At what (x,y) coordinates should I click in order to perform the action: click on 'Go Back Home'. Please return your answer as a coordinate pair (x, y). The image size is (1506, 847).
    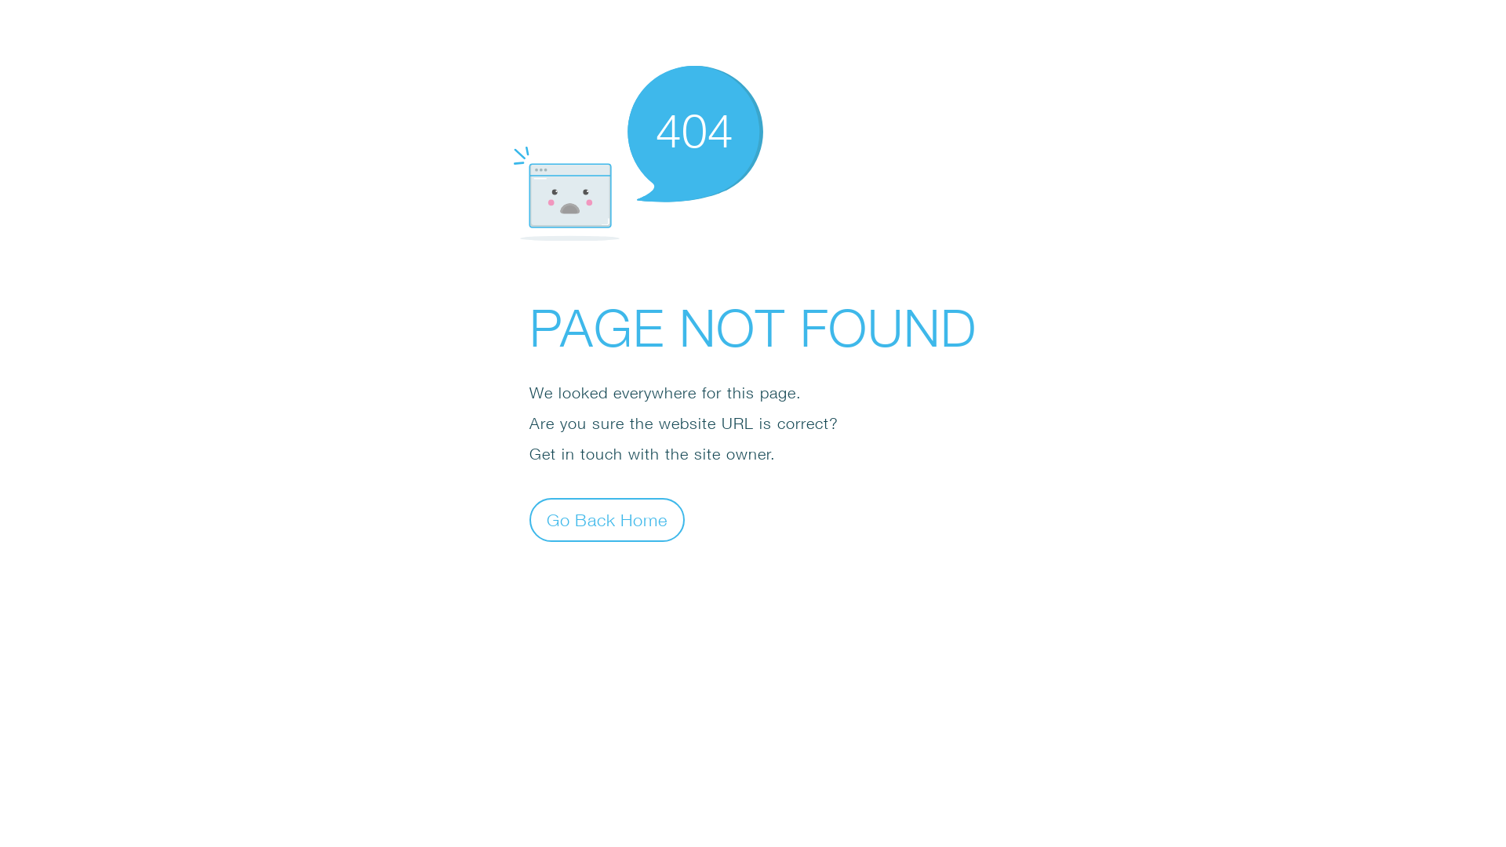
    Looking at the image, I should click on (606, 520).